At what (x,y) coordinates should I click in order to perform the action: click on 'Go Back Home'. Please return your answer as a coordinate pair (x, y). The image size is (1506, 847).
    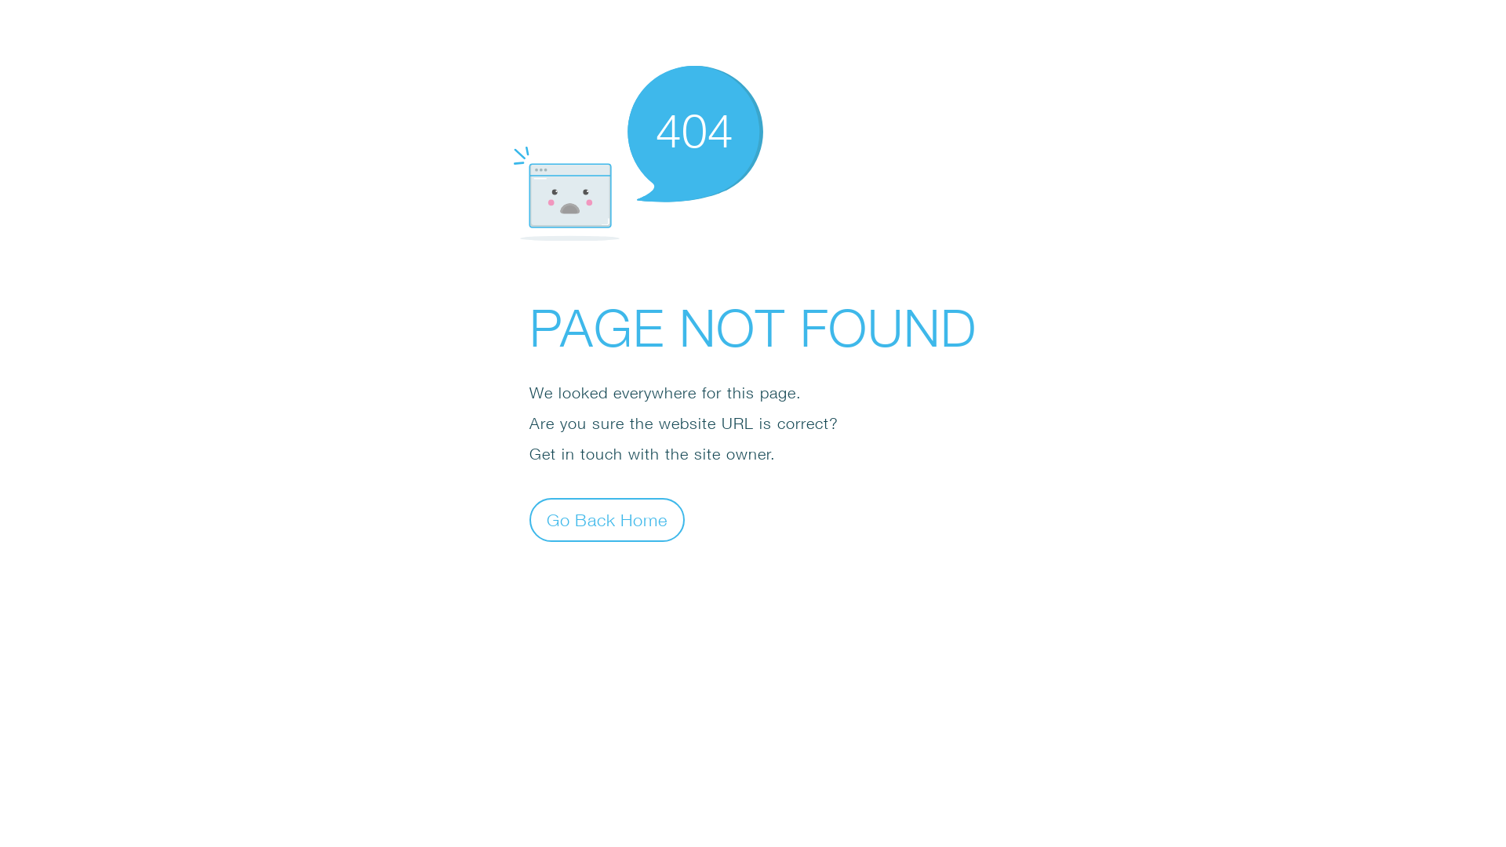
    Looking at the image, I should click on (606, 520).